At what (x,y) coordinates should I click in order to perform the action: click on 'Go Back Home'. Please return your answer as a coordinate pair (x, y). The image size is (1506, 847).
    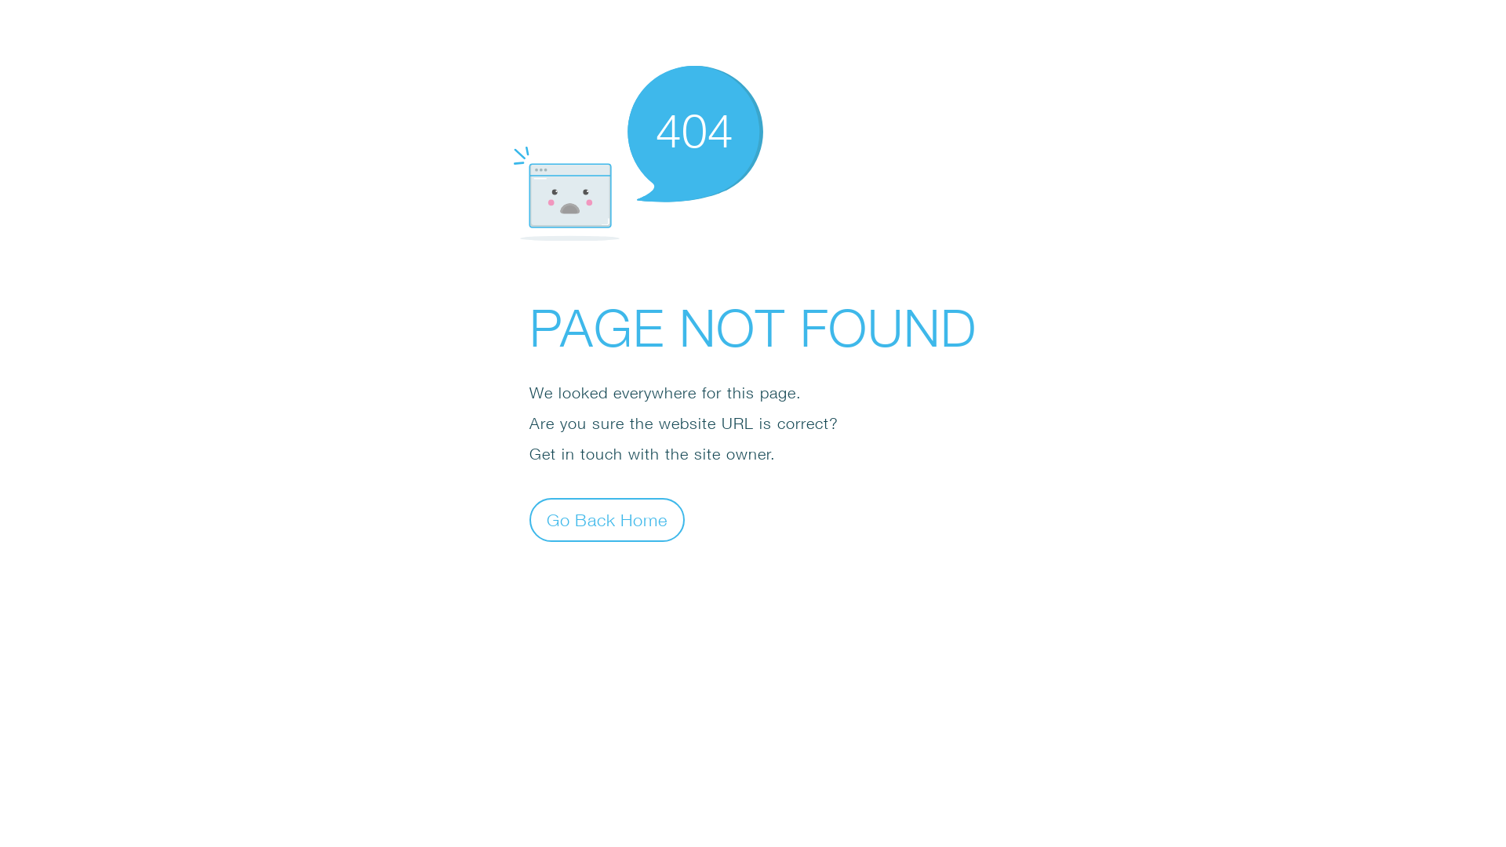
    Looking at the image, I should click on (606, 520).